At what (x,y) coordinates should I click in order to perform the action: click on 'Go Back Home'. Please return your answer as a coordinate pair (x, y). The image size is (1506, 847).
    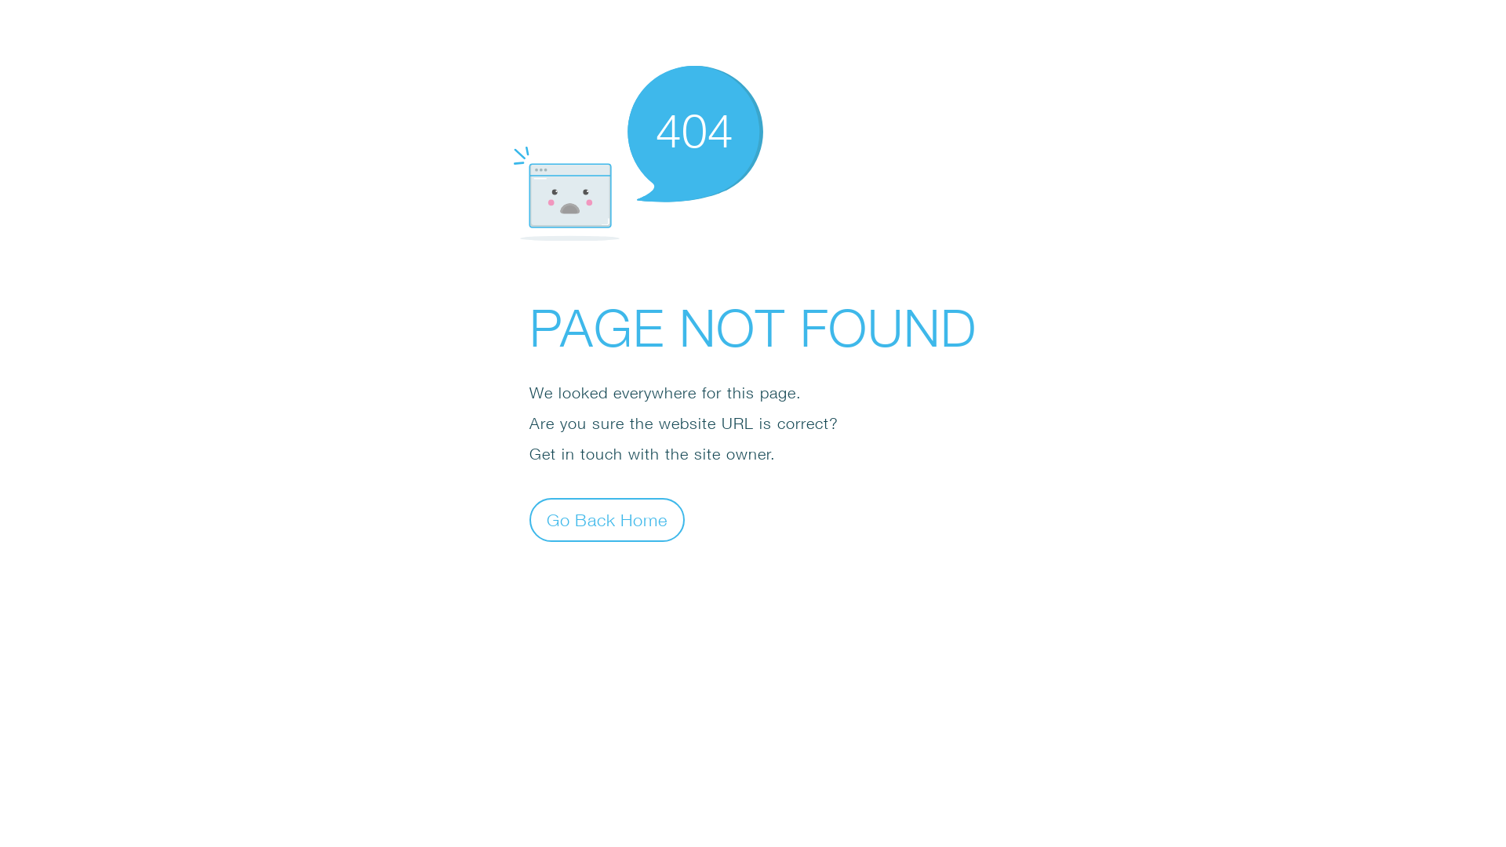
    Looking at the image, I should click on (606, 520).